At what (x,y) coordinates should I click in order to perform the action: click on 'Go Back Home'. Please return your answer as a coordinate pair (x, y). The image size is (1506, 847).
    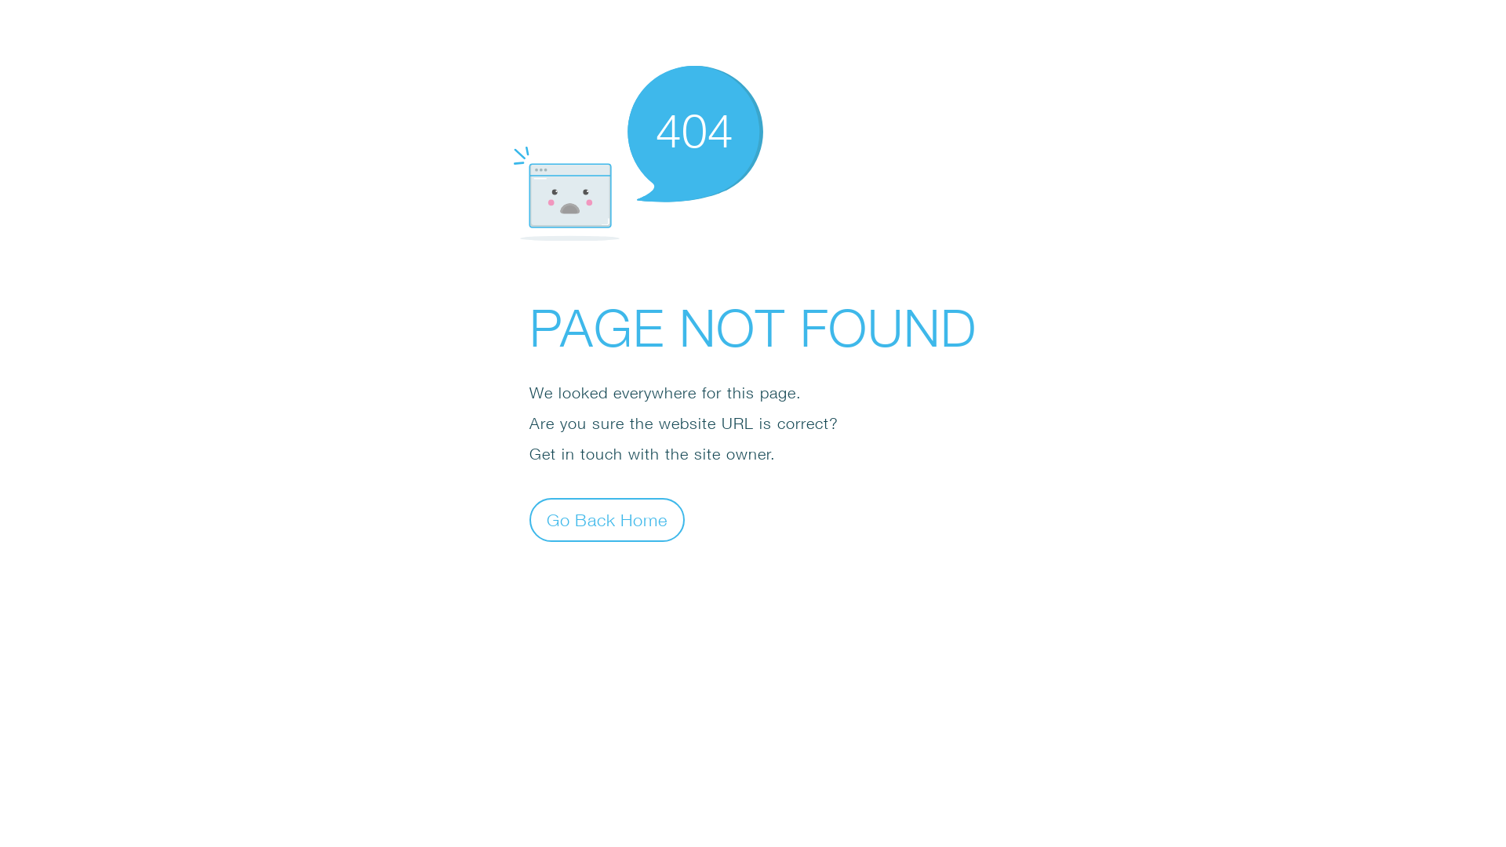
    Looking at the image, I should click on (606, 520).